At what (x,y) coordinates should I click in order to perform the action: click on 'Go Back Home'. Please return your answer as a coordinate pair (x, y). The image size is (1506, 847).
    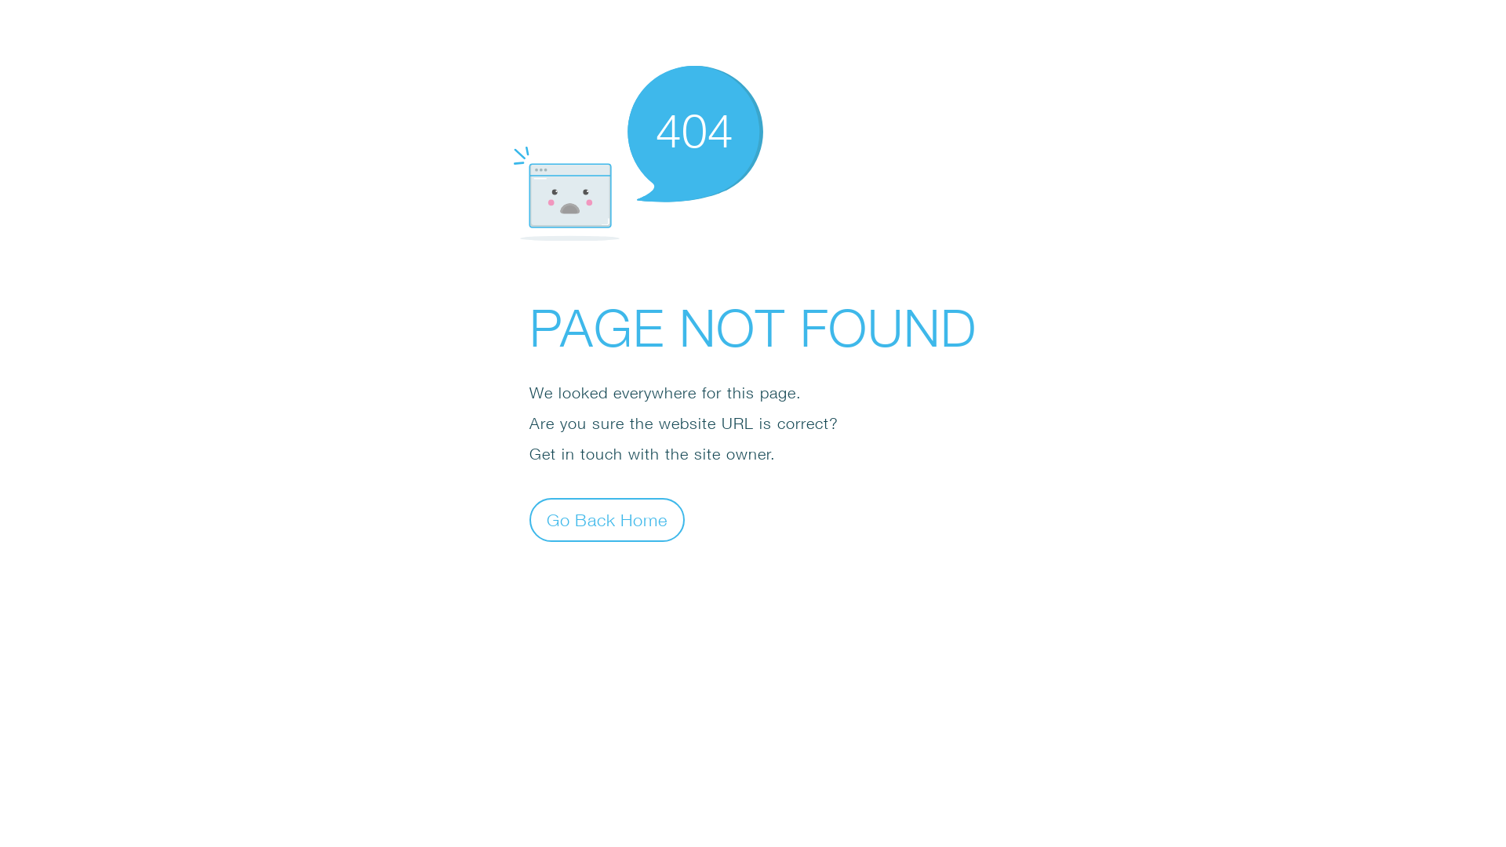
    Looking at the image, I should click on (606, 520).